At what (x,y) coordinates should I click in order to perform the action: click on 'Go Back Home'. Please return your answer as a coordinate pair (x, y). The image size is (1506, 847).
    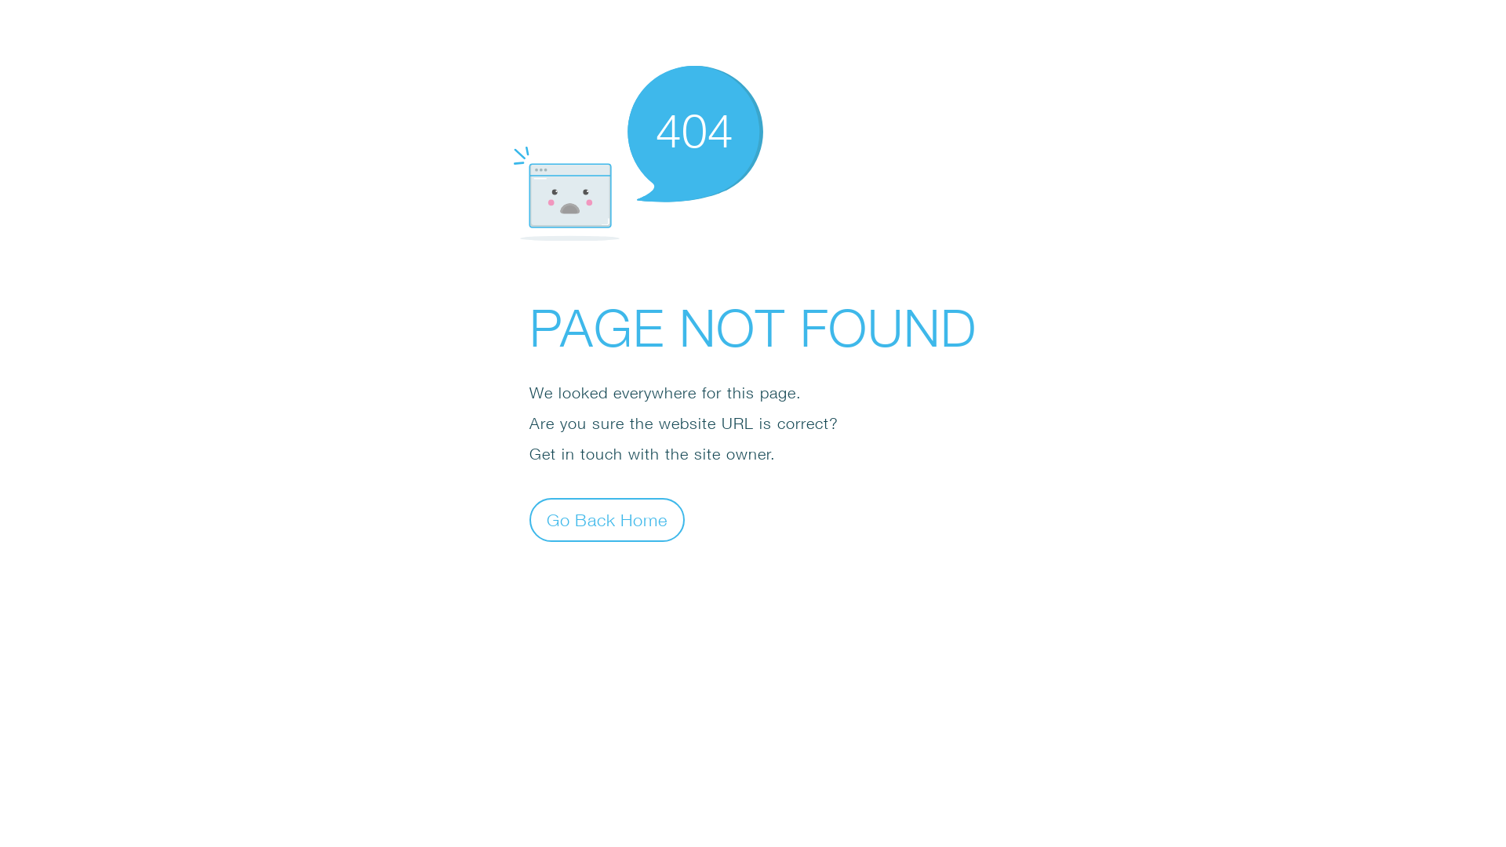
    Looking at the image, I should click on (606, 520).